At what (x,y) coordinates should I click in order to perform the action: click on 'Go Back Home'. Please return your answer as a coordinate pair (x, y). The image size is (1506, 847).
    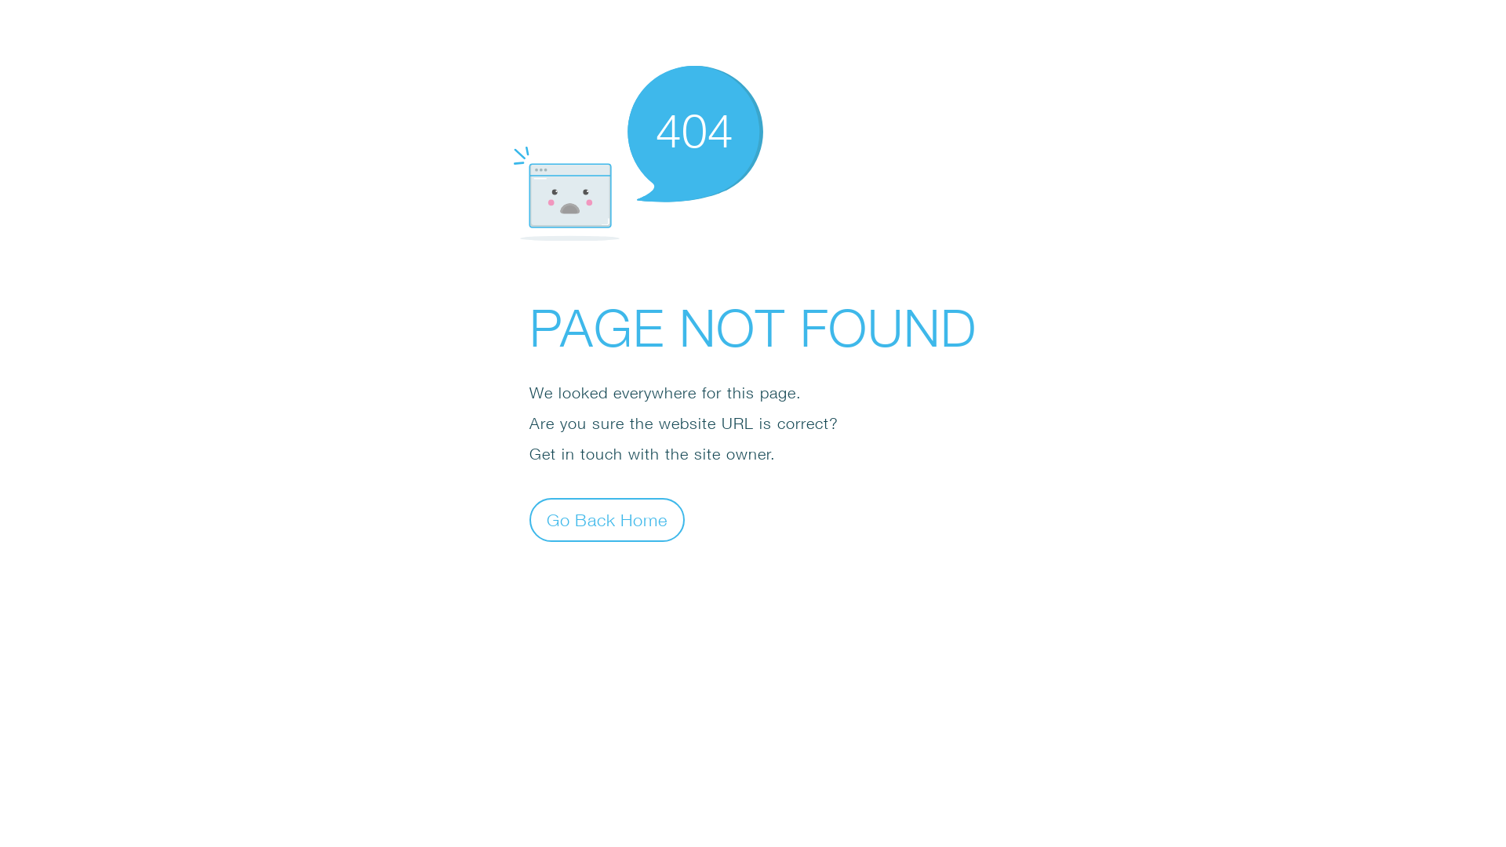
    Looking at the image, I should click on (606, 520).